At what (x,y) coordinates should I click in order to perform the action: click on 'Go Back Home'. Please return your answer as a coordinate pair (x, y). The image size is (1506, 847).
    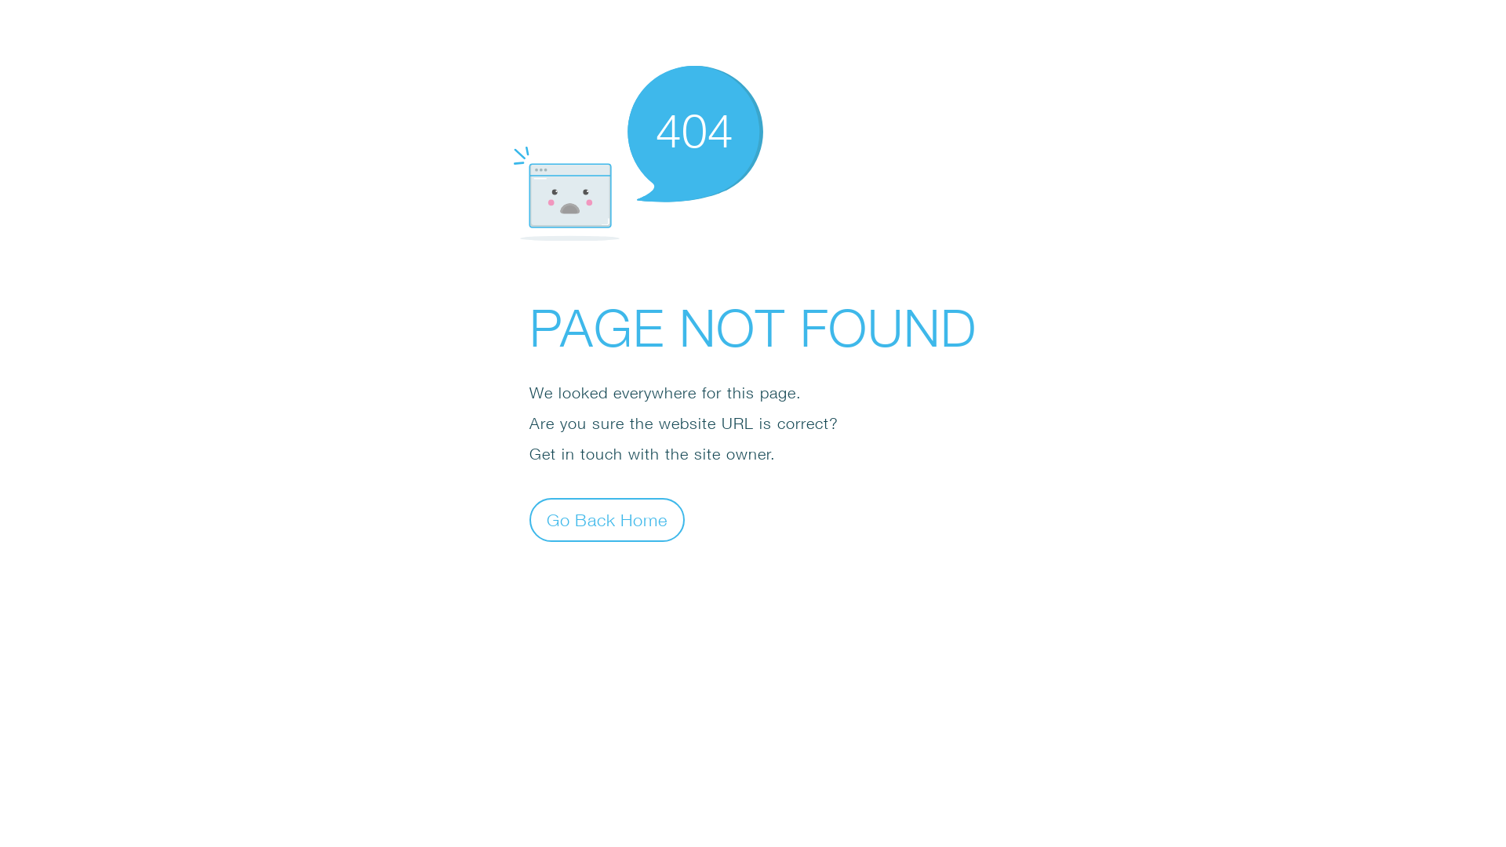
    Looking at the image, I should click on (606, 520).